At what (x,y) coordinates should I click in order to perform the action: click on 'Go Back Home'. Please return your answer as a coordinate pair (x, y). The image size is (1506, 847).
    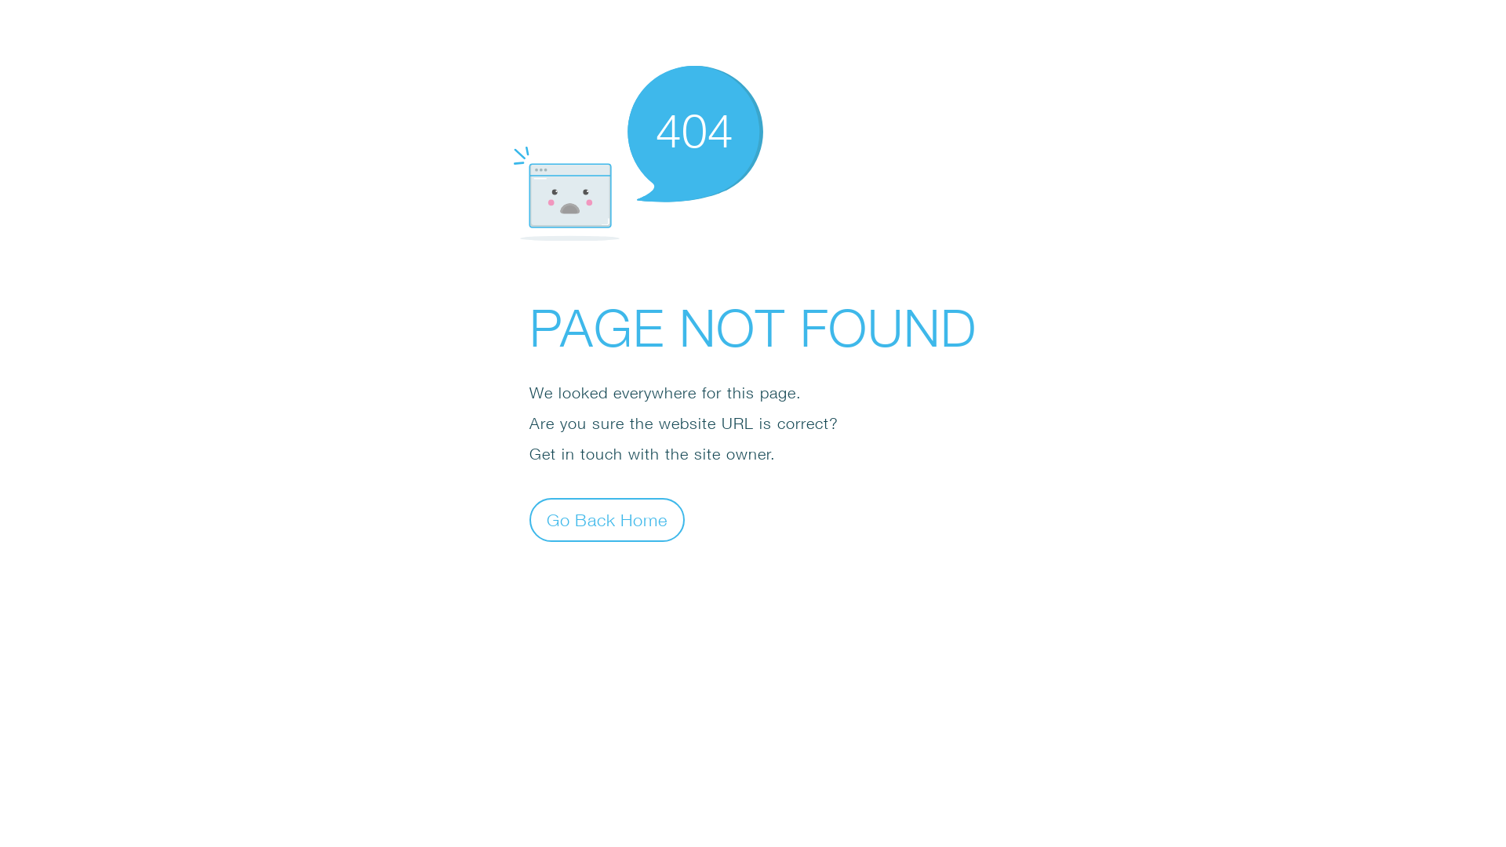
    Looking at the image, I should click on (606, 520).